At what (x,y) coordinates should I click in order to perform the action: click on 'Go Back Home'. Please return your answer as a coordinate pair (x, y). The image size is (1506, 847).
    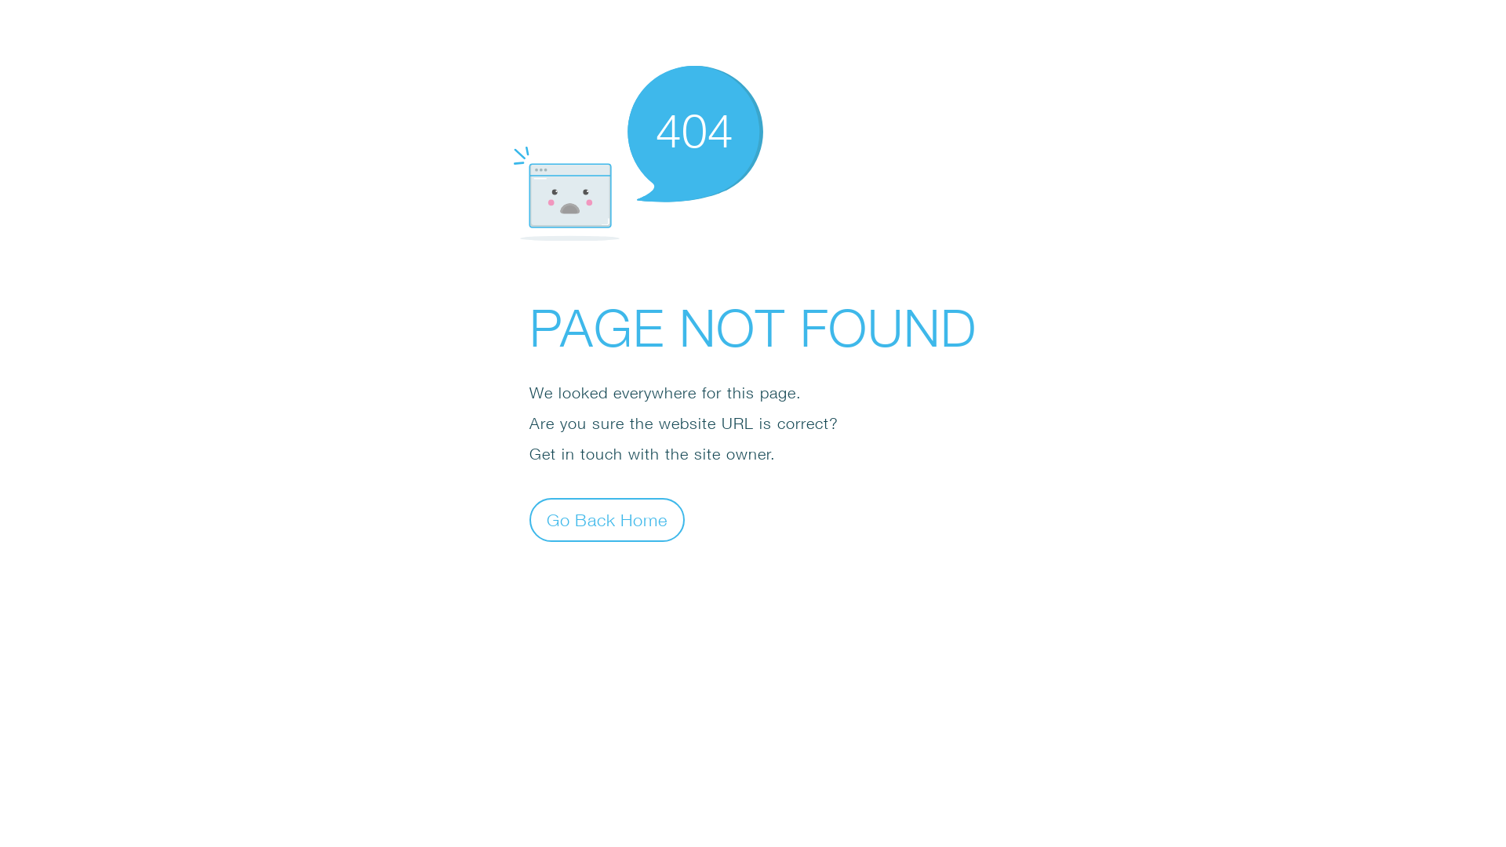
    Looking at the image, I should click on (606, 520).